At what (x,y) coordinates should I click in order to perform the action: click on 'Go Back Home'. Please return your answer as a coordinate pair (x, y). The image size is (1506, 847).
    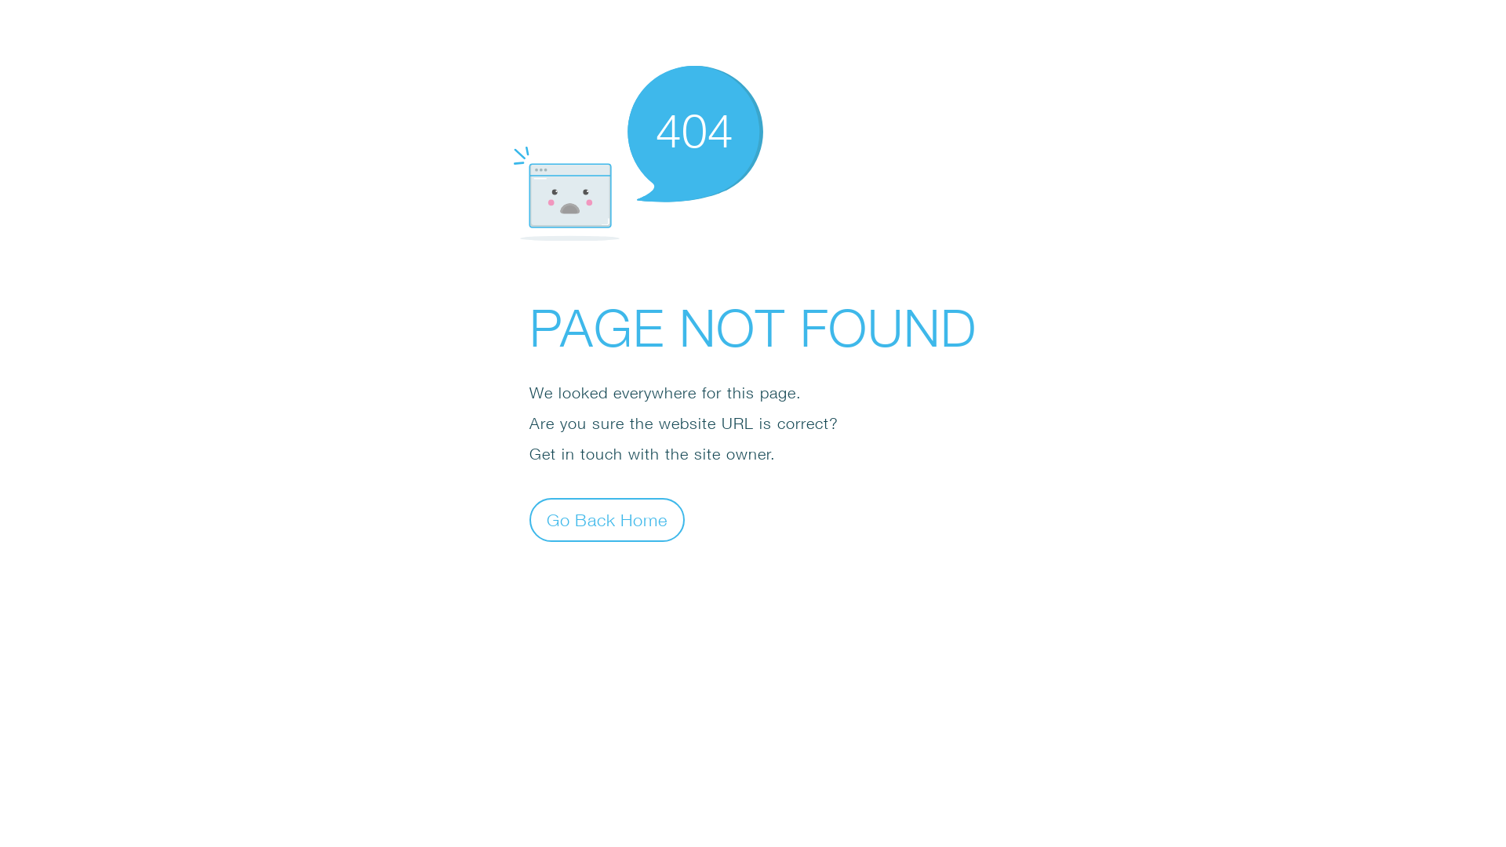
    Looking at the image, I should click on (606, 520).